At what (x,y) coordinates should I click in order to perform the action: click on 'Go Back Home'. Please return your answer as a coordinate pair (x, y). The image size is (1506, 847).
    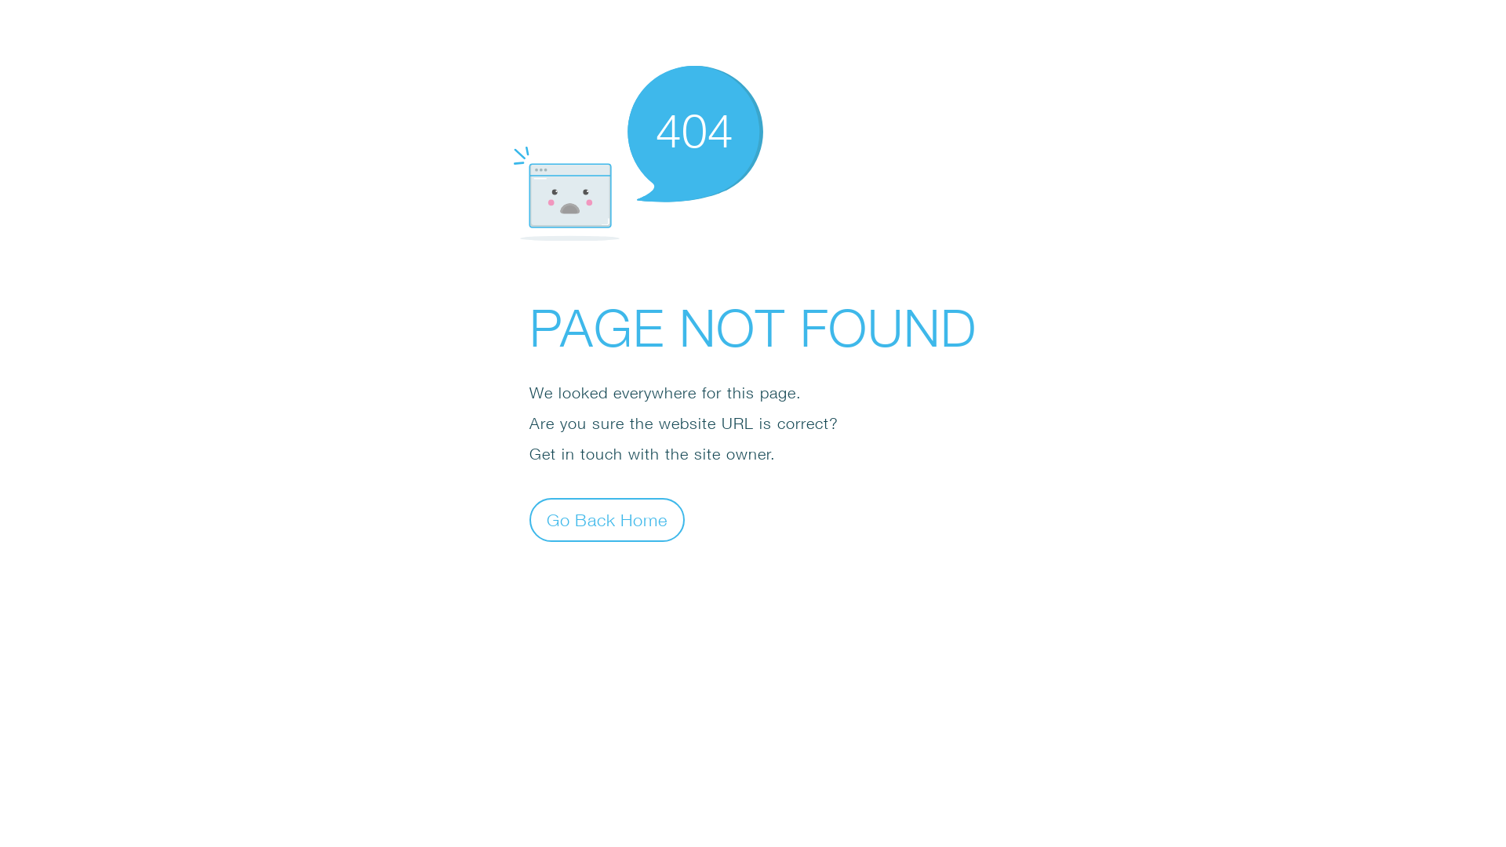
    Looking at the image, I should click on (606, 520).